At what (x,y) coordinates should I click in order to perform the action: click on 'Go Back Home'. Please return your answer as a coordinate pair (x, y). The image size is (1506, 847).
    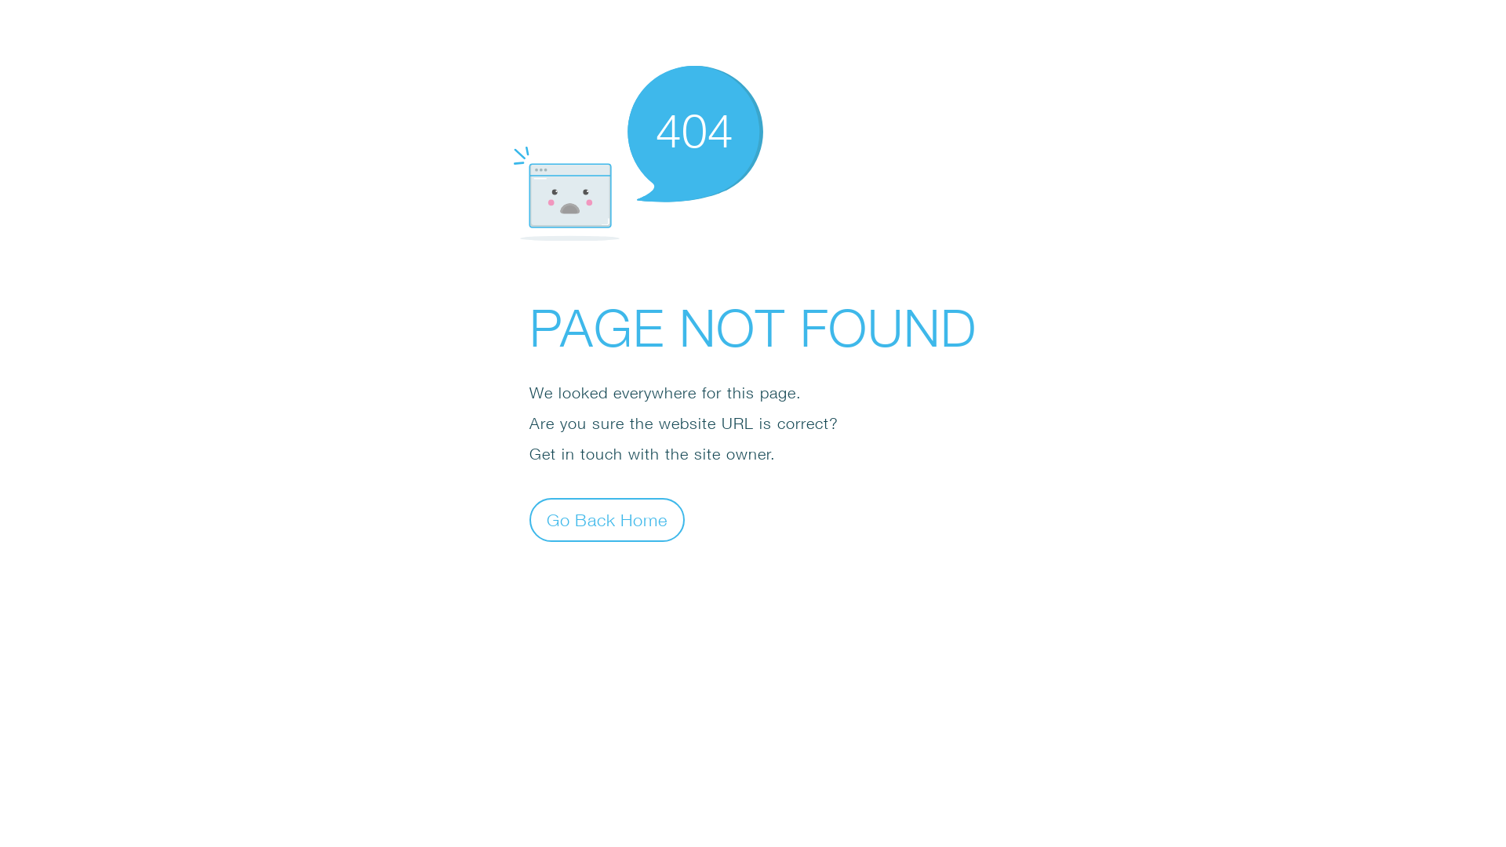
    Looking at the image, I should click on (606, 520).